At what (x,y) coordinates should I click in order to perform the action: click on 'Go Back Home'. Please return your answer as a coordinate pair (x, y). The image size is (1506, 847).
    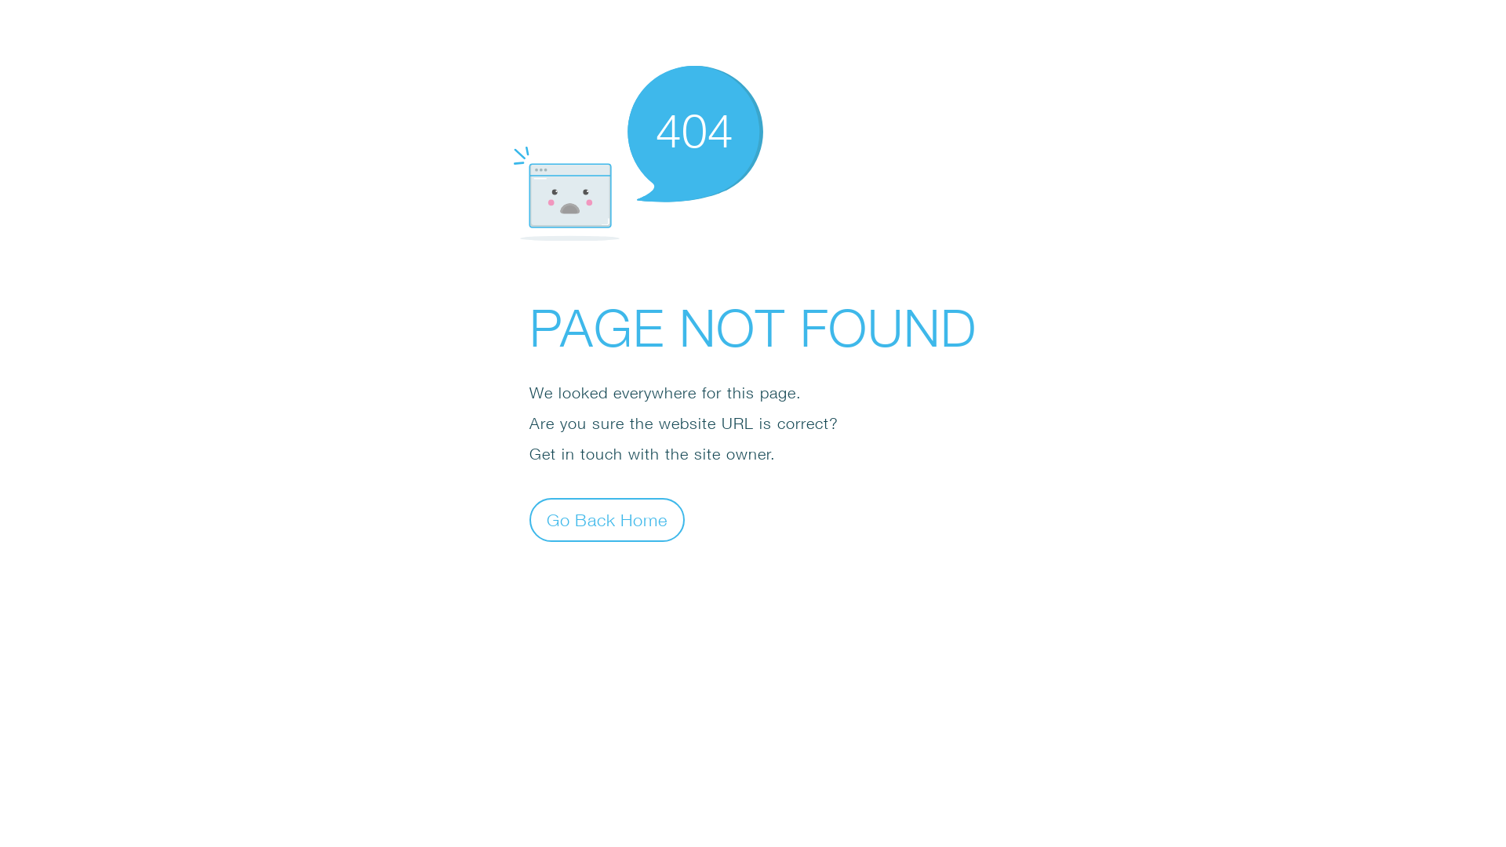
    Looking at the image, I should click on (606, 520).